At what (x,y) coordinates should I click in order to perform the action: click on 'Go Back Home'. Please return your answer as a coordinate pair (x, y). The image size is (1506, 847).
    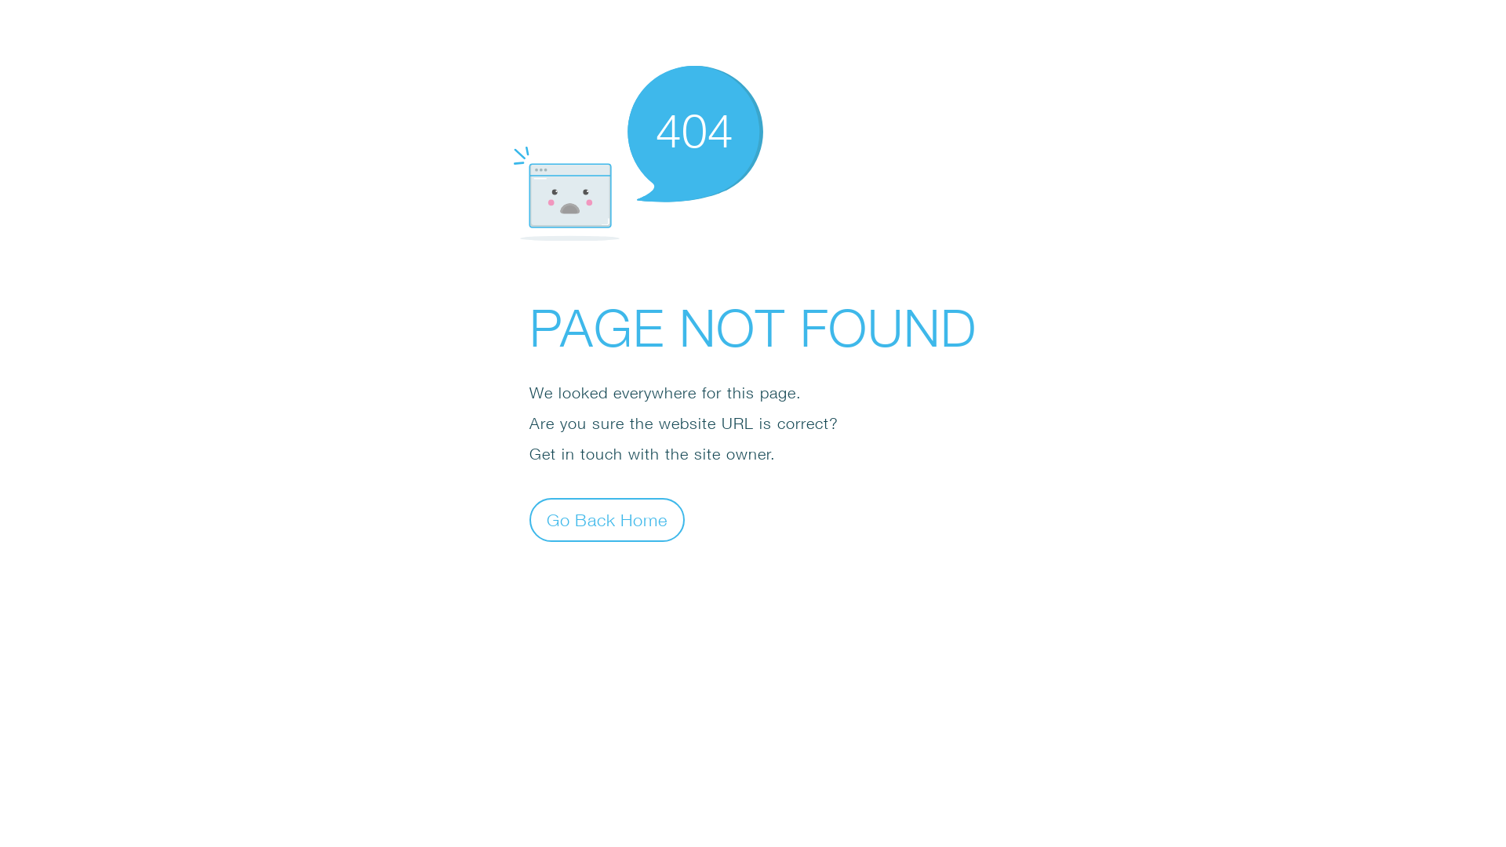
    Looking at the image, I should click on (606, 520).